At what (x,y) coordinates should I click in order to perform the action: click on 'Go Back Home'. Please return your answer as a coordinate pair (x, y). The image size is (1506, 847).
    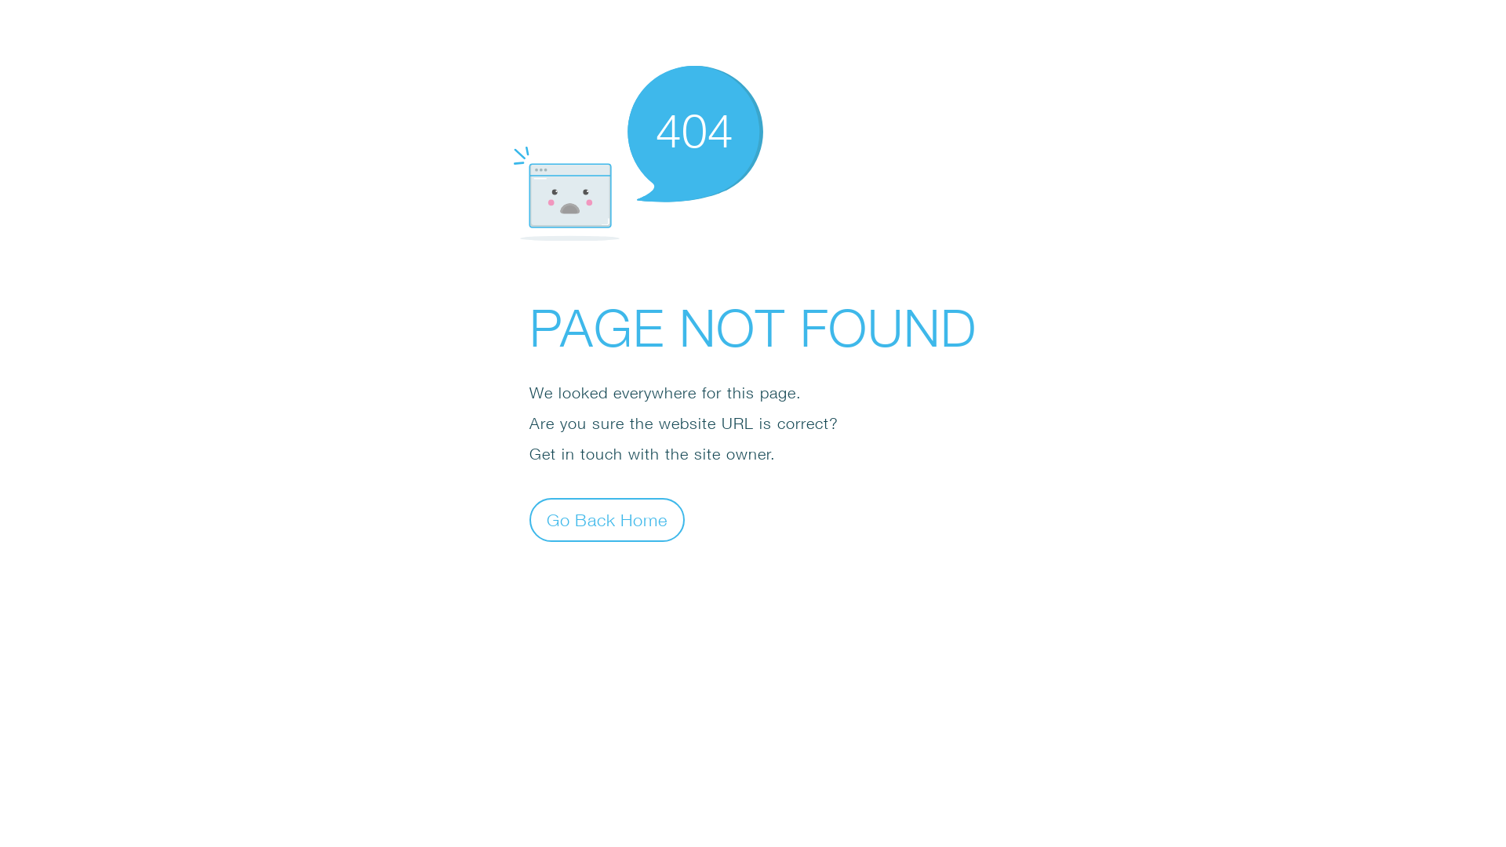
    Looking at the image, I should click on (606, 520).